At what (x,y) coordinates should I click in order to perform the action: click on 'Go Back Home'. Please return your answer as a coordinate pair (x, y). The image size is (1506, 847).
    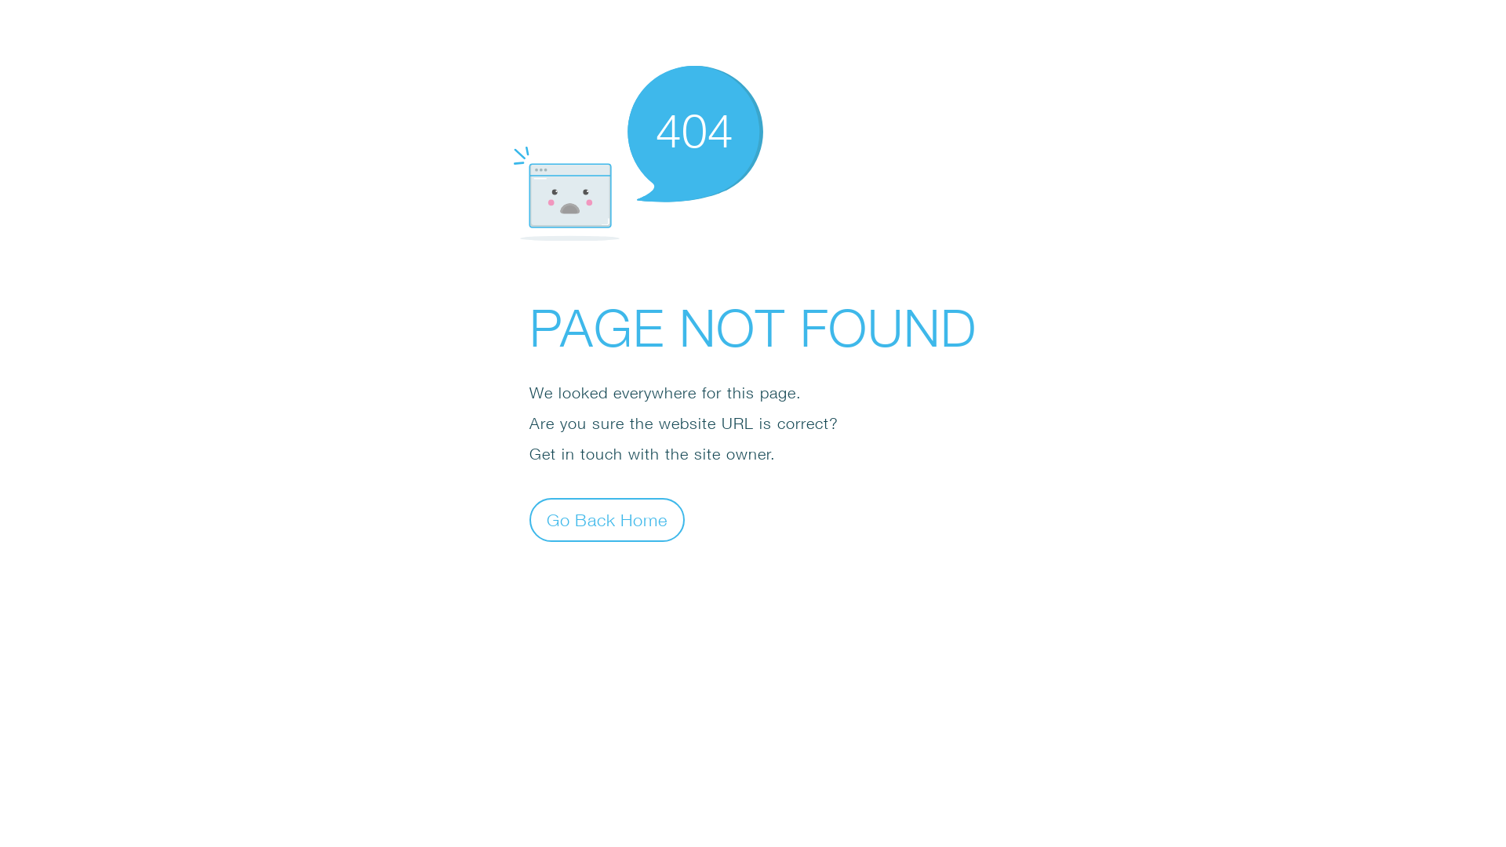
    Looking at the image, I should click on (606, 520).